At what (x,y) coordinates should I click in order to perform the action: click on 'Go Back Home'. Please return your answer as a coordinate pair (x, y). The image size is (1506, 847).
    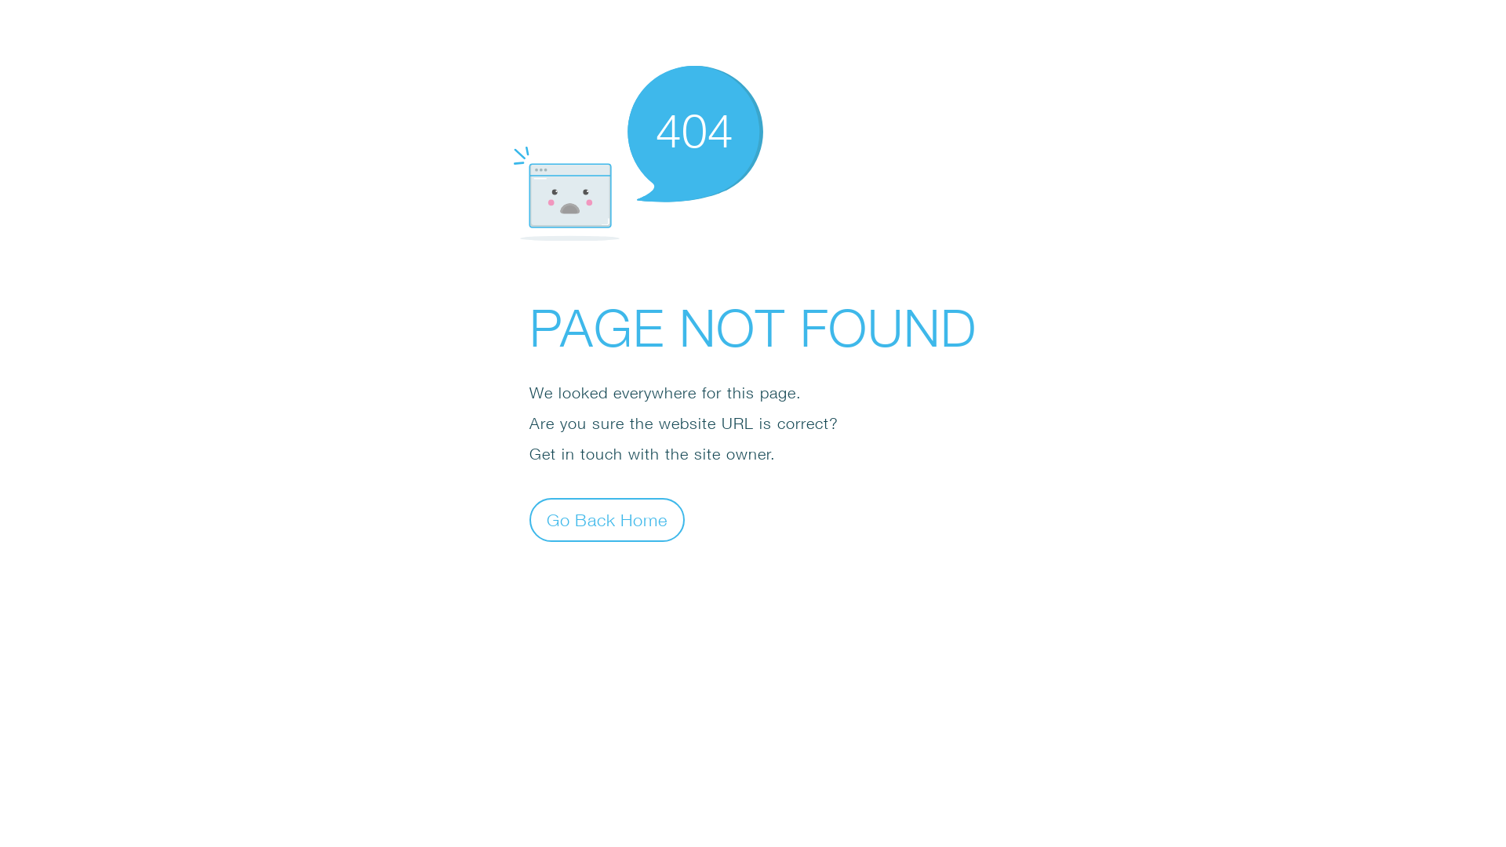
    Looking at the image, I should click on (606, 520).